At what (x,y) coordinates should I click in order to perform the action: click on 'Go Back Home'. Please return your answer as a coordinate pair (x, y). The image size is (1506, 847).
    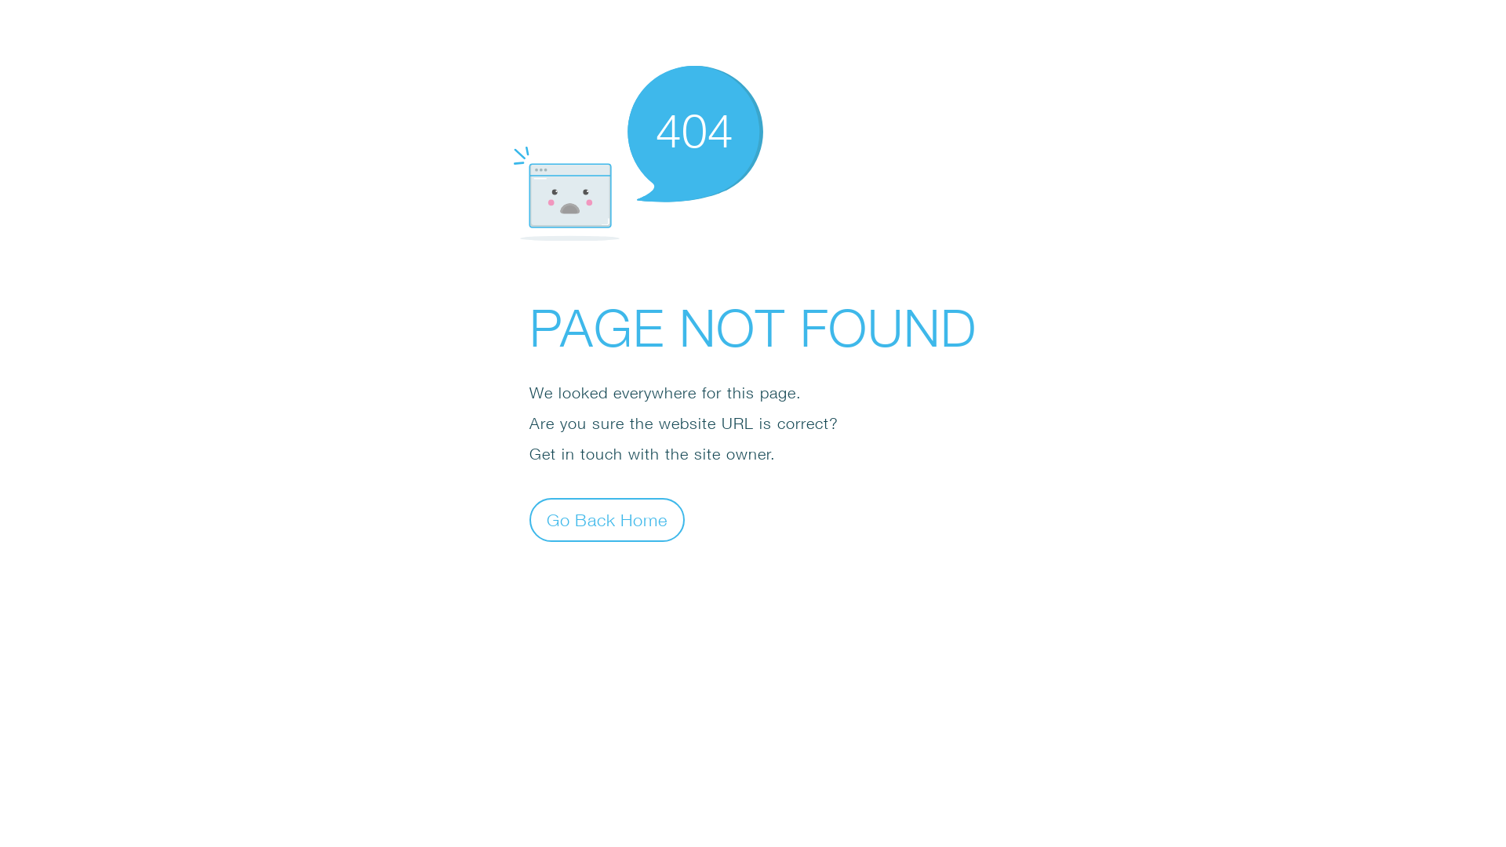
    Looking at the image, I should click on (606, 520).